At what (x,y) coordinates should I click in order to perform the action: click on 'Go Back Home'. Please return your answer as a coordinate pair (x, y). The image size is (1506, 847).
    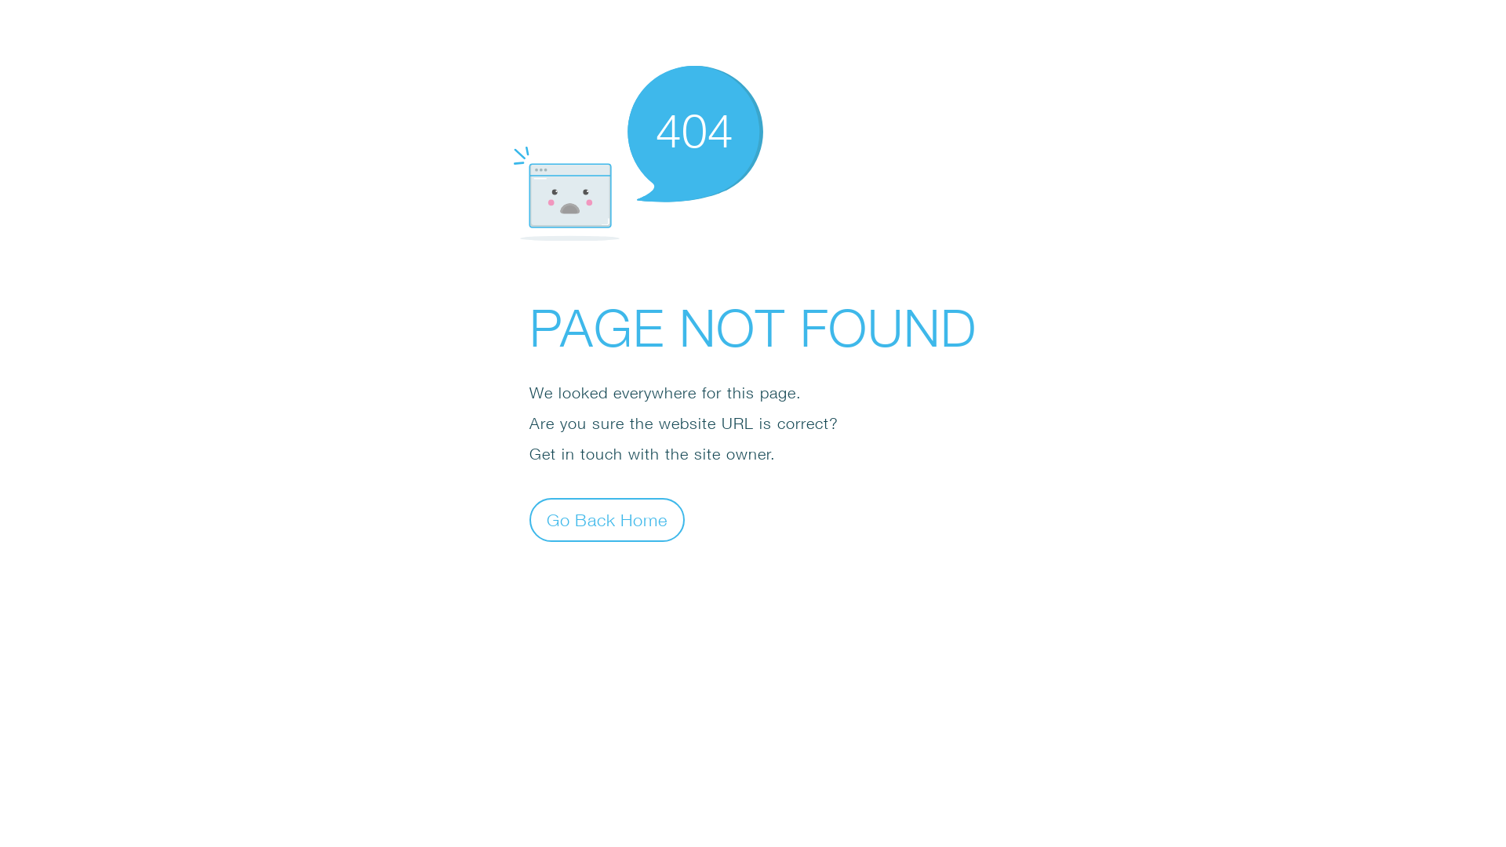
    Looking at the image, I should click on (606, 520).